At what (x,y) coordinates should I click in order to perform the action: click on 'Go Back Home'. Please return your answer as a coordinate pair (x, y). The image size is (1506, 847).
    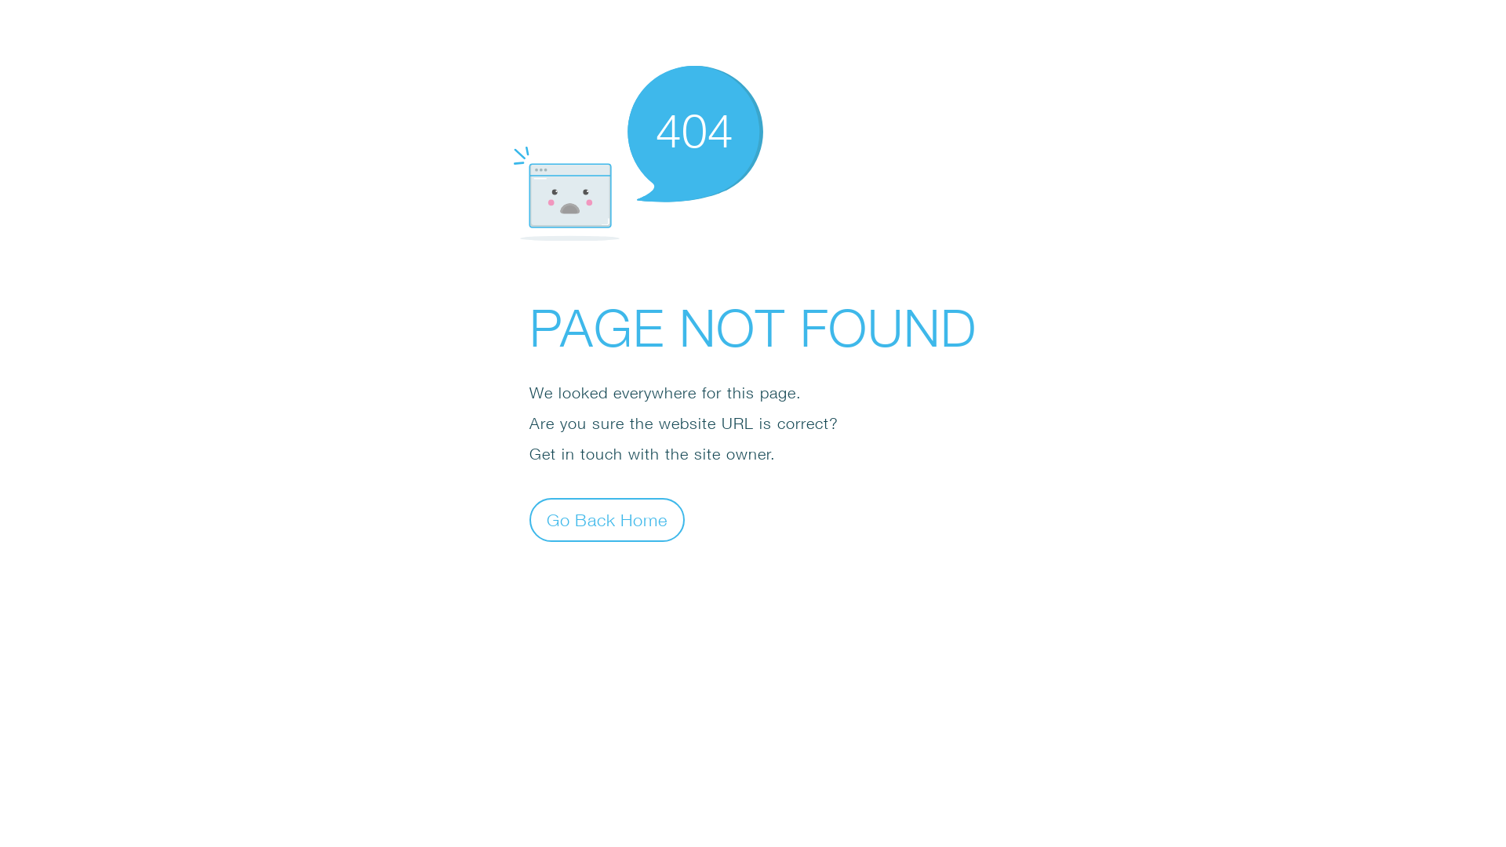
    Looking at the image, I should click on (606, 520).